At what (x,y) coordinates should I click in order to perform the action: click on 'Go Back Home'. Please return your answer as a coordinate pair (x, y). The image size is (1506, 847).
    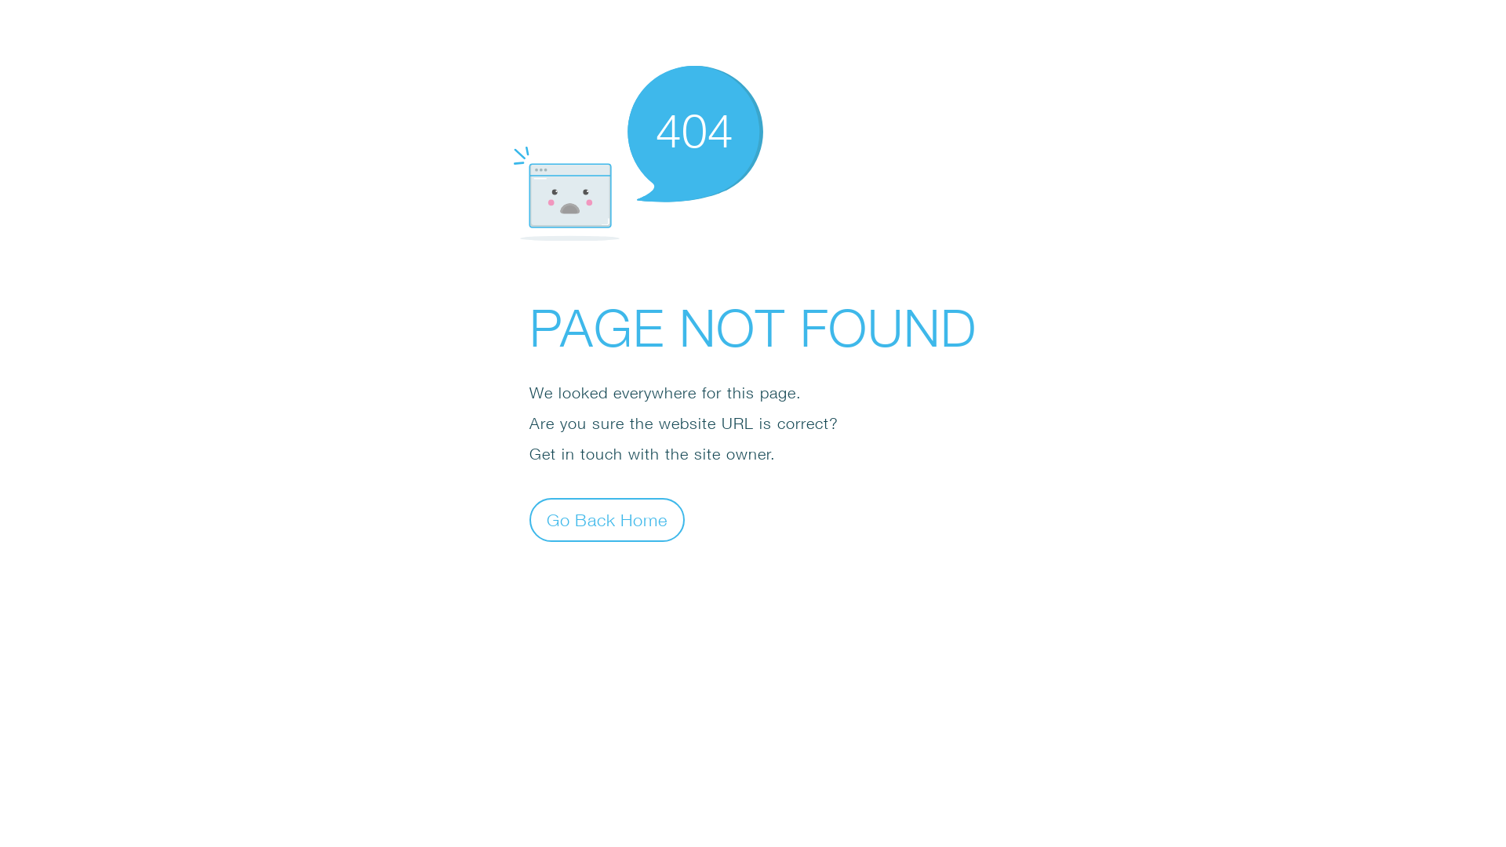
    Looking at the image, I should click on (606, 520).